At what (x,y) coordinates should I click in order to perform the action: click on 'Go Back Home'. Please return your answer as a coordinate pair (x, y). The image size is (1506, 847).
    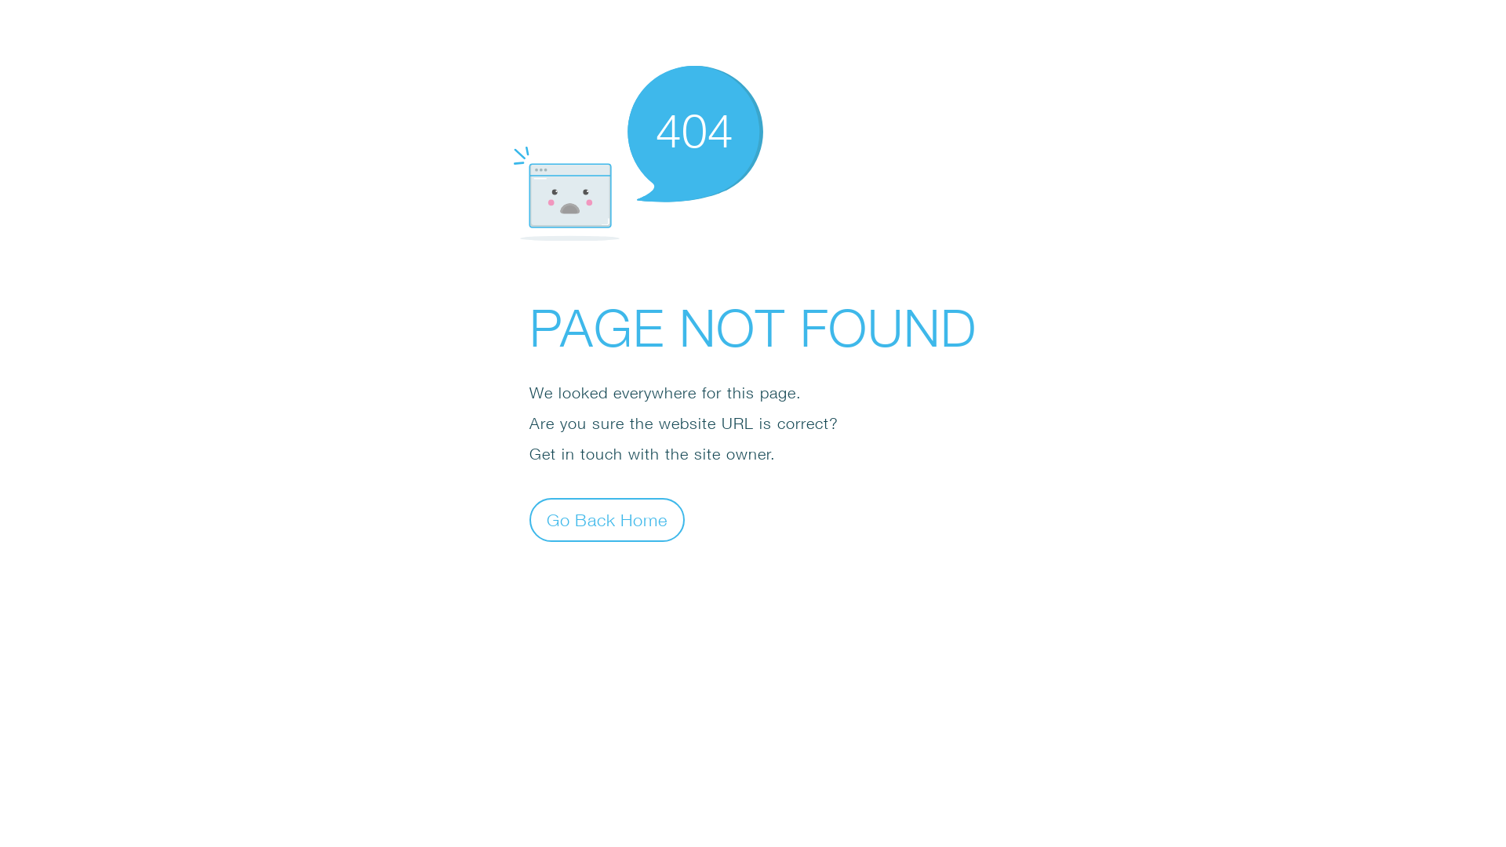
    Looking at the image, I should click on (606, 520).